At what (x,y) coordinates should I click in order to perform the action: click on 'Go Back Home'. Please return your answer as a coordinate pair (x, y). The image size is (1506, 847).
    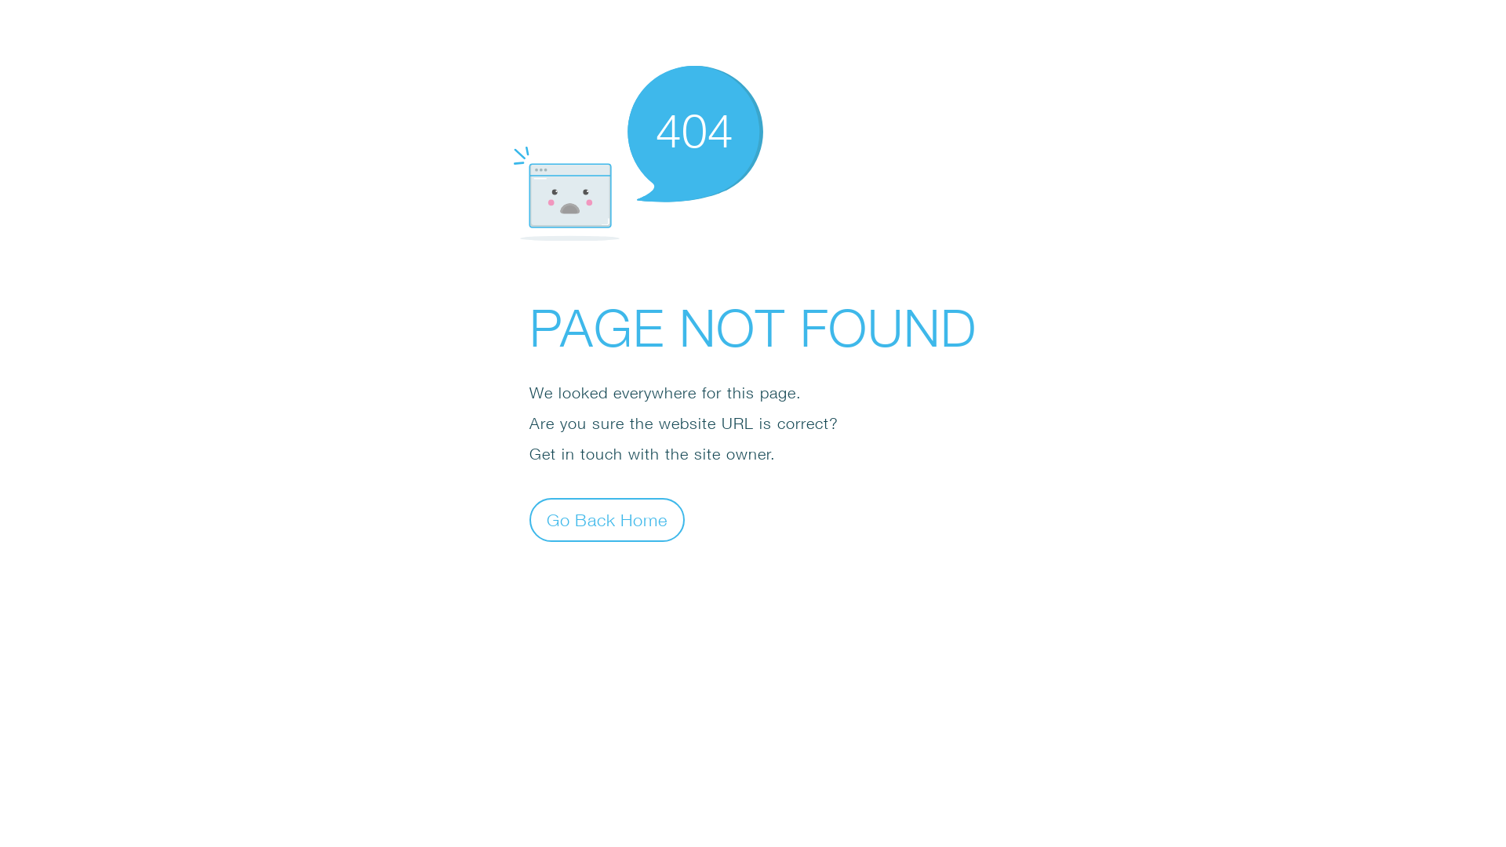
    Looking at the image, I should click on (606, 520).